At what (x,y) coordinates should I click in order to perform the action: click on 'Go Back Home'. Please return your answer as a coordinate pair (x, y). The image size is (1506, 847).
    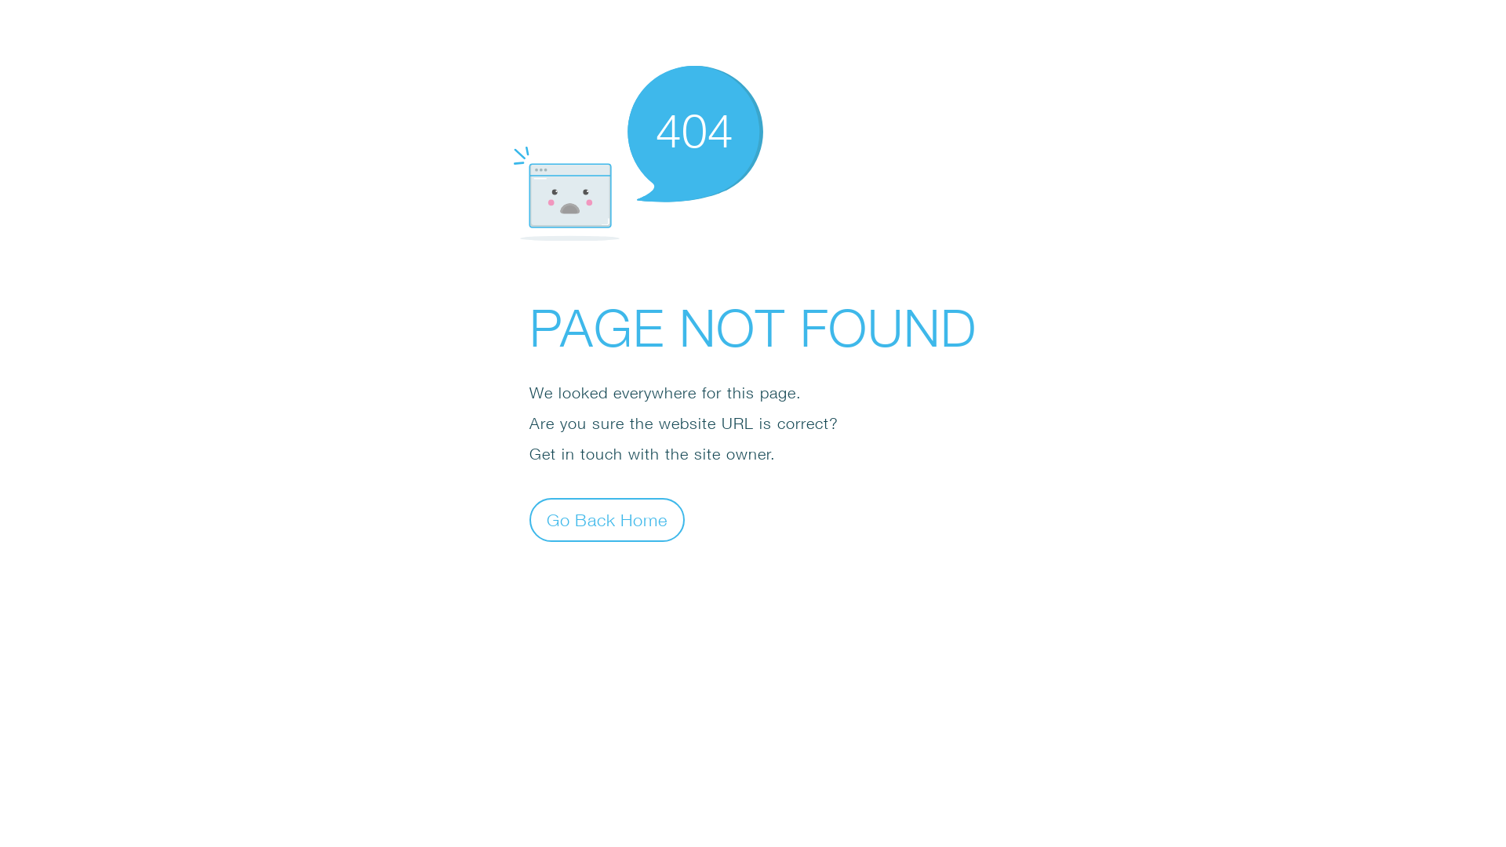
    Looking at the image, I should click on (606, 520).